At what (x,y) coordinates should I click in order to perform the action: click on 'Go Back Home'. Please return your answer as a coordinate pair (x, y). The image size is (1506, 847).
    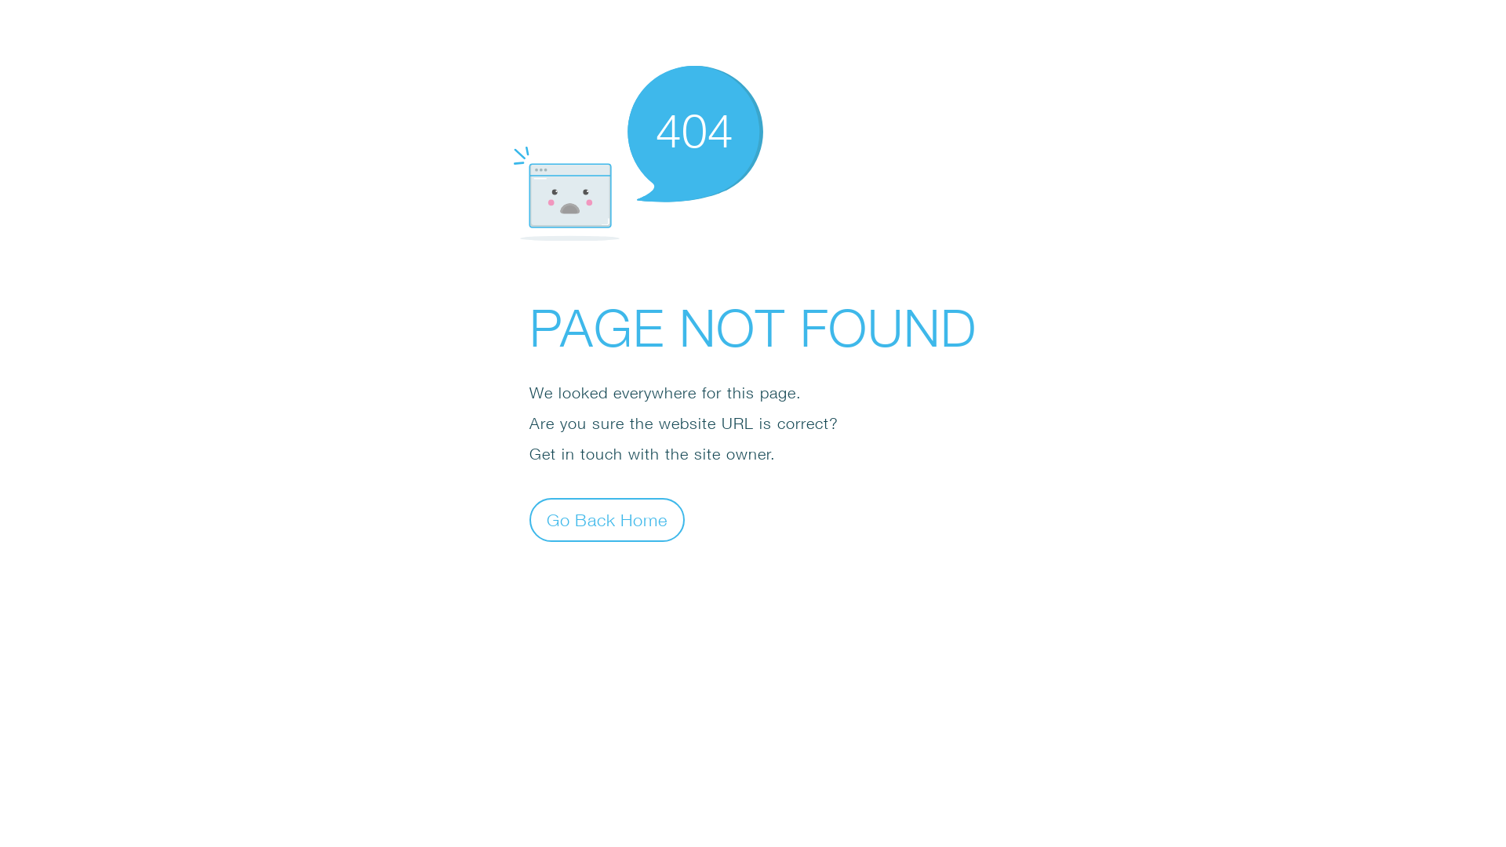
    Looking at the image, I should click on (606, 520).